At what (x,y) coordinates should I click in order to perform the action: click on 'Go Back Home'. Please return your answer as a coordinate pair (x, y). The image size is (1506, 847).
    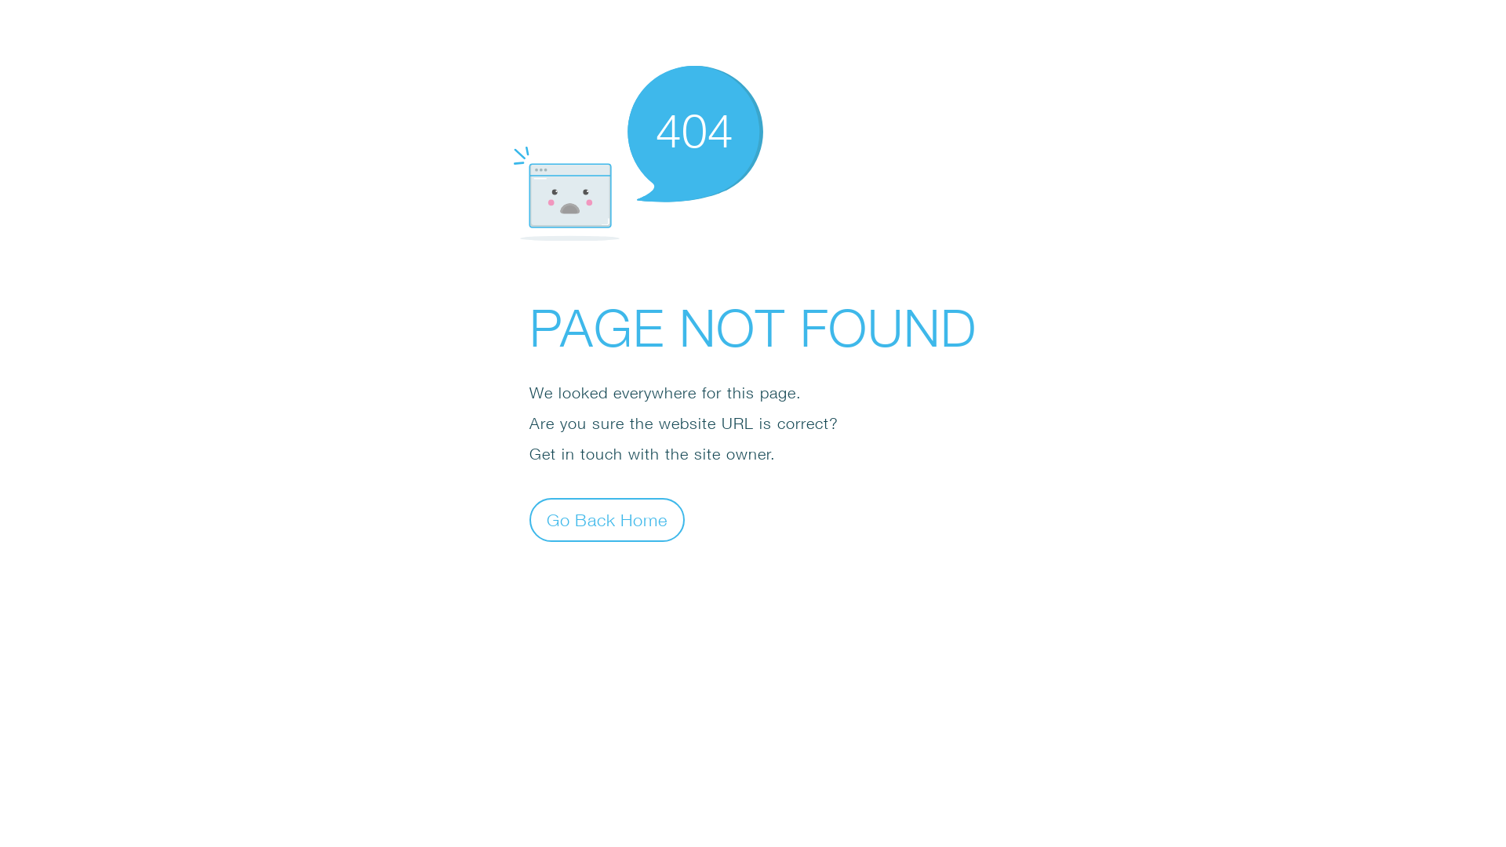
    Looking at the image, I should click on (606, 520).